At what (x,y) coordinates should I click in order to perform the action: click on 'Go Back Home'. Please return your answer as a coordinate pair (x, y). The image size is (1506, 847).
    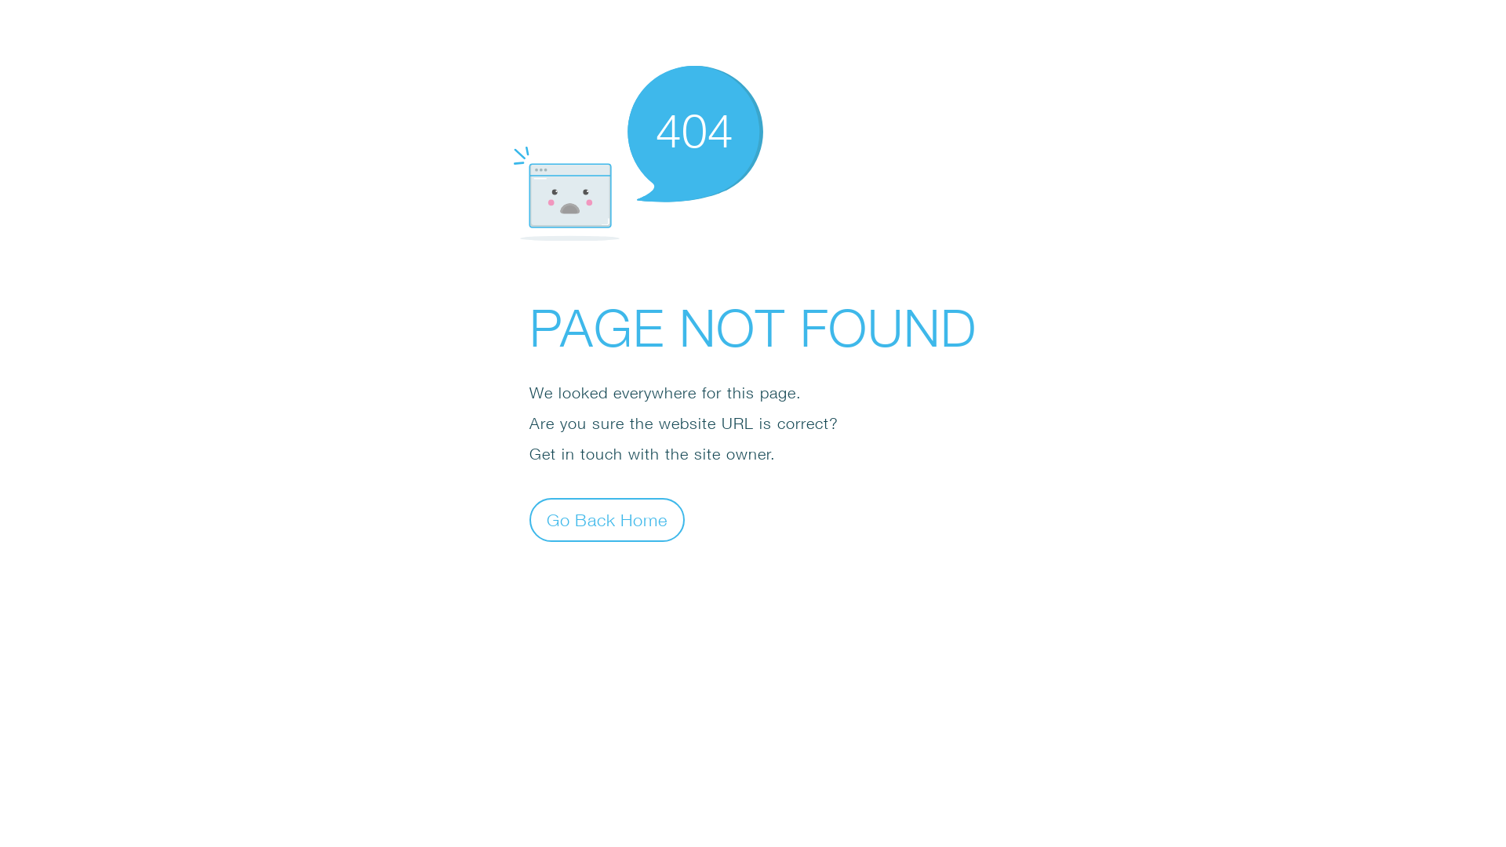
    Looking at the image, I should click on (606, 520).